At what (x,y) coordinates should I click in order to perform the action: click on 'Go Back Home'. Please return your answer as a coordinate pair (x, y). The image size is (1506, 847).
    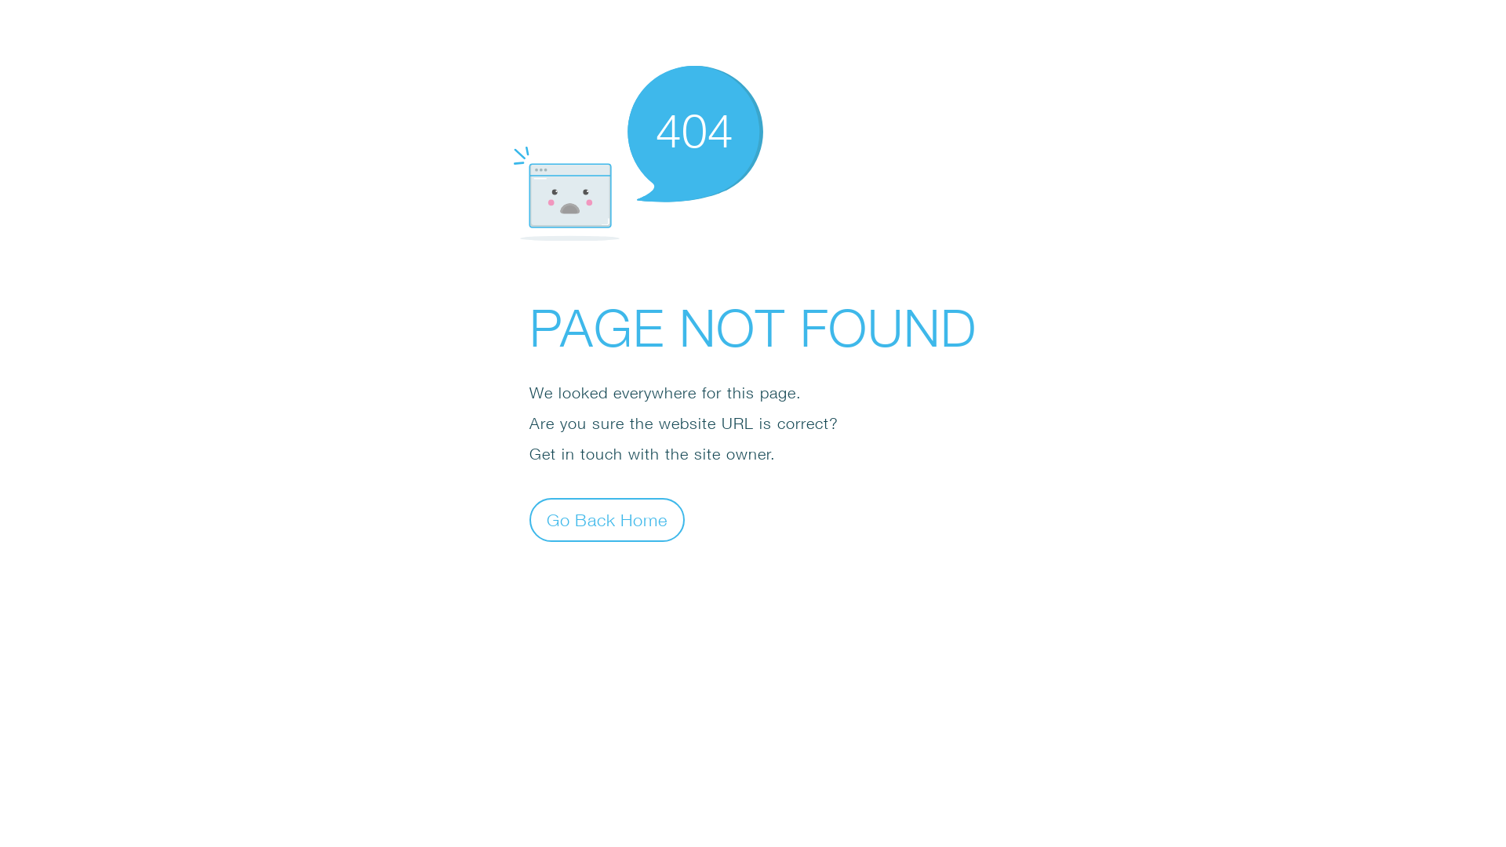
    Looking at the image, I should click on (606, 520).